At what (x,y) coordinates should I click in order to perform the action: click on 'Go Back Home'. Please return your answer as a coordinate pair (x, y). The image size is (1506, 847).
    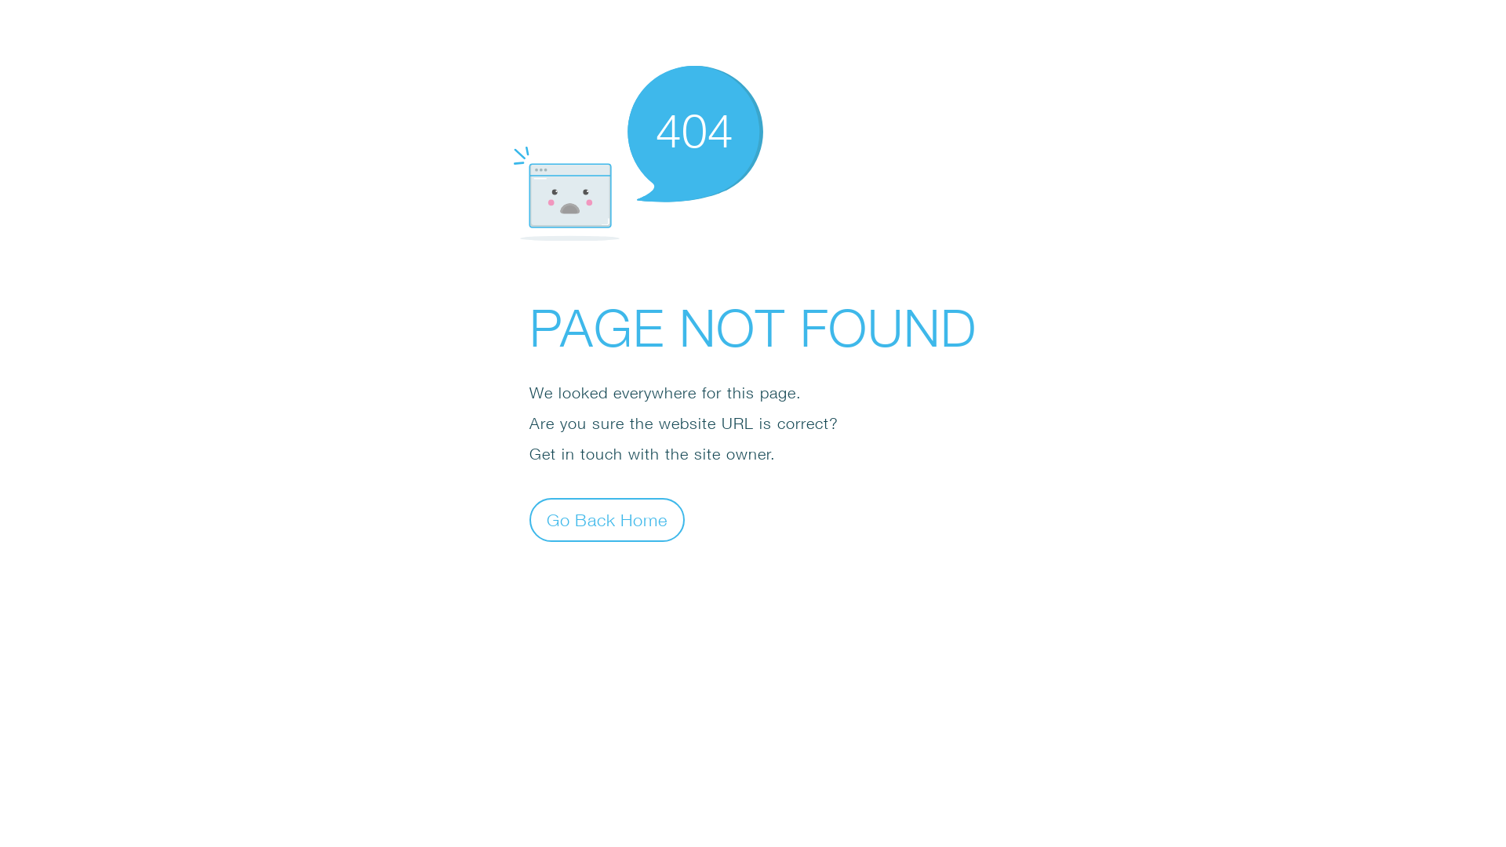
    Looking at the image, I should click on (606, 520).